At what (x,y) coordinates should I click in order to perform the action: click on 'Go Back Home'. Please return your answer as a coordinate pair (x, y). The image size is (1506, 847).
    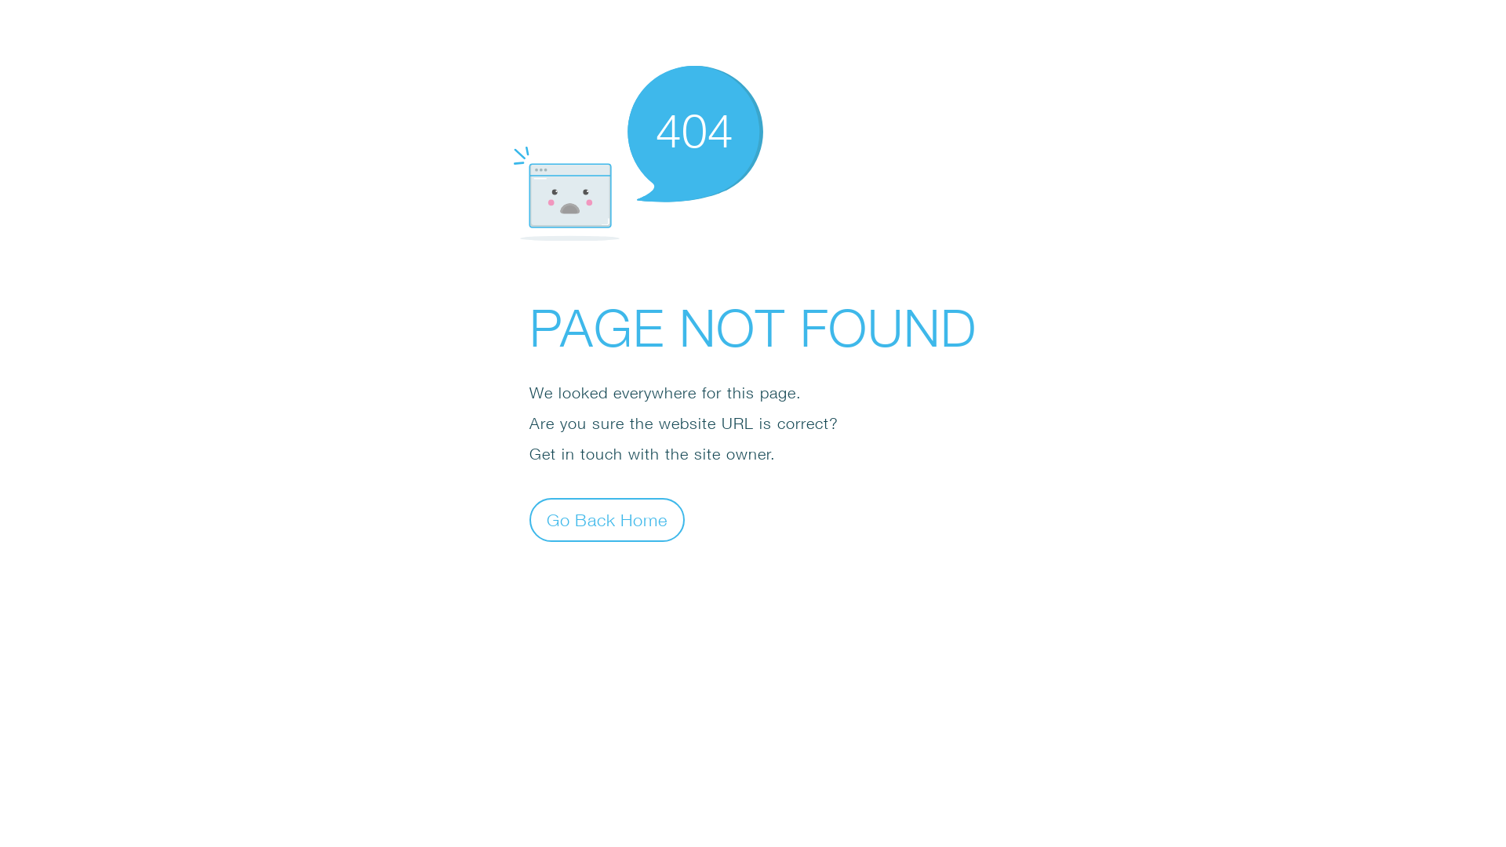
    Looking at the image, I should click on (606, 520).